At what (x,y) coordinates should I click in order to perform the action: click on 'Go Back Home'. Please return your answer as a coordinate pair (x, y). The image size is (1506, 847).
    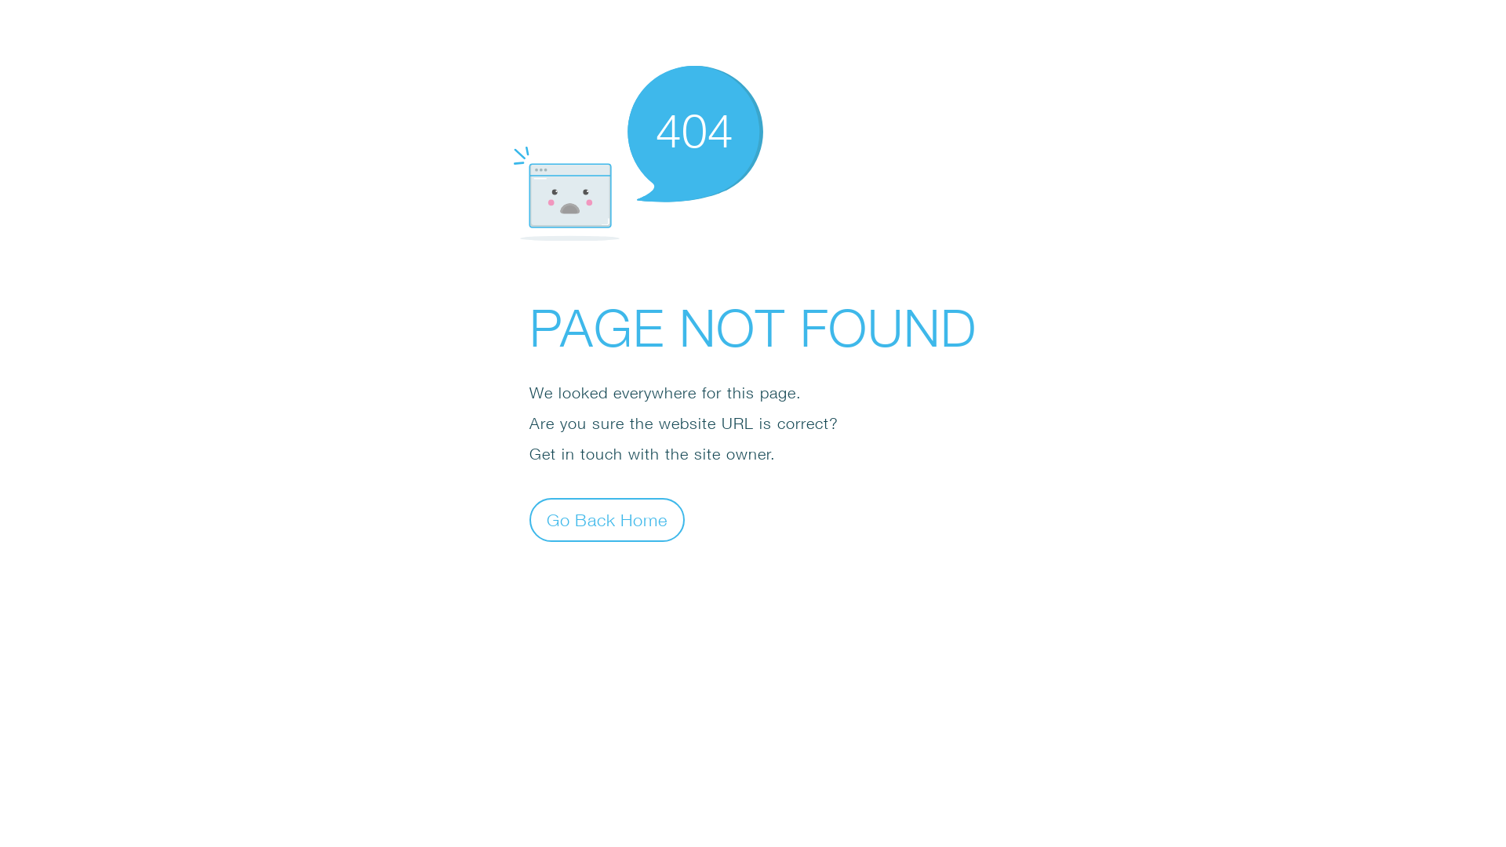
    Looking at the image, I should click on (606, 520).